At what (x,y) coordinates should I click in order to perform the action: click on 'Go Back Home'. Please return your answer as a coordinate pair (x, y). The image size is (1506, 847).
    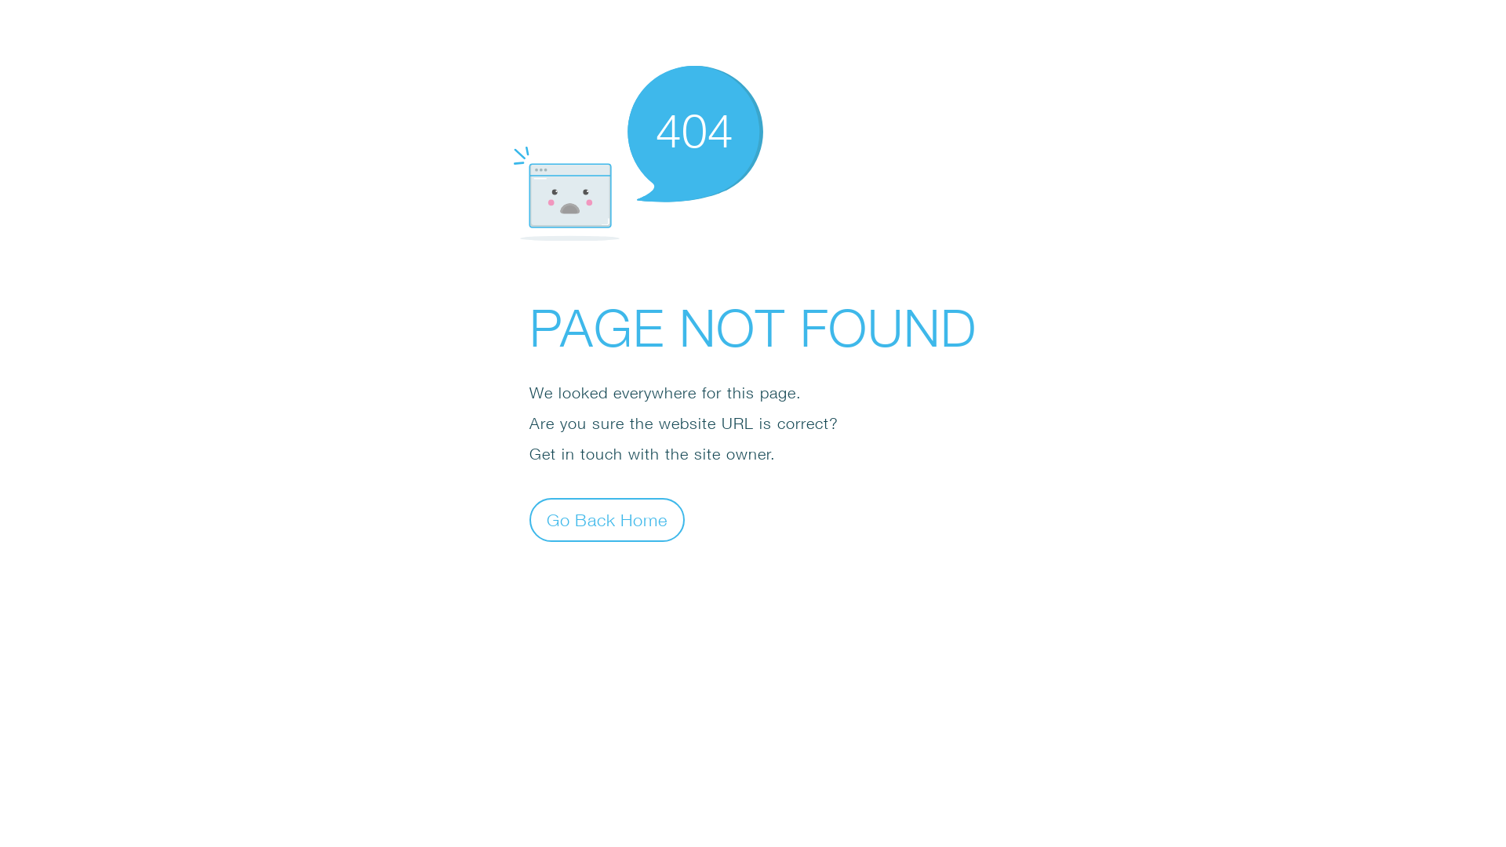
    Looking at the image, I should click on (606, 520).